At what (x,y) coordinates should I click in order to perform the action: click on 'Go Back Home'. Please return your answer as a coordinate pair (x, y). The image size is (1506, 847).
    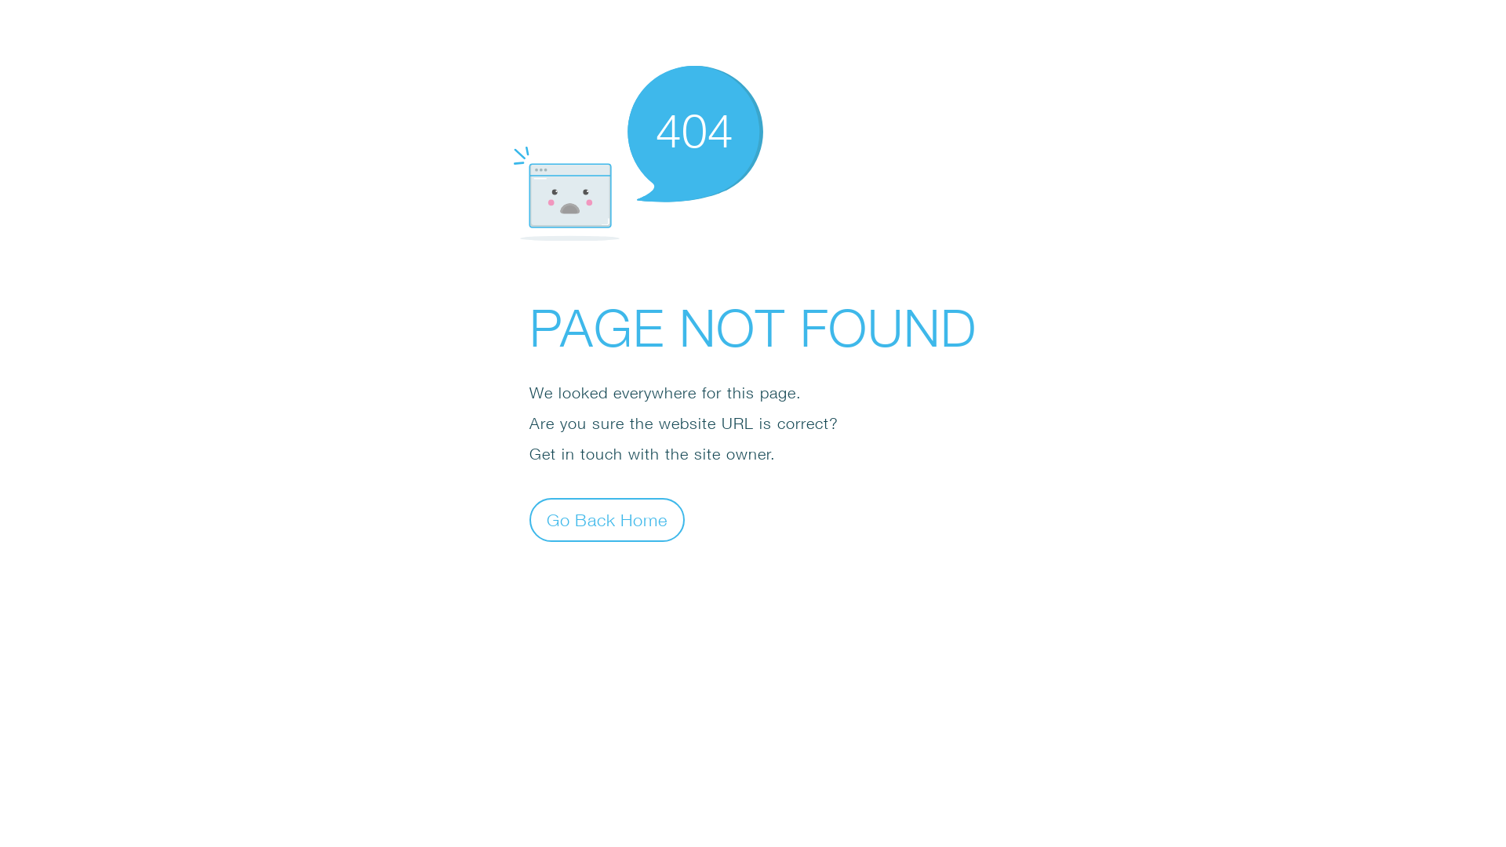
    Looking at the image, I should click on (606, 520).